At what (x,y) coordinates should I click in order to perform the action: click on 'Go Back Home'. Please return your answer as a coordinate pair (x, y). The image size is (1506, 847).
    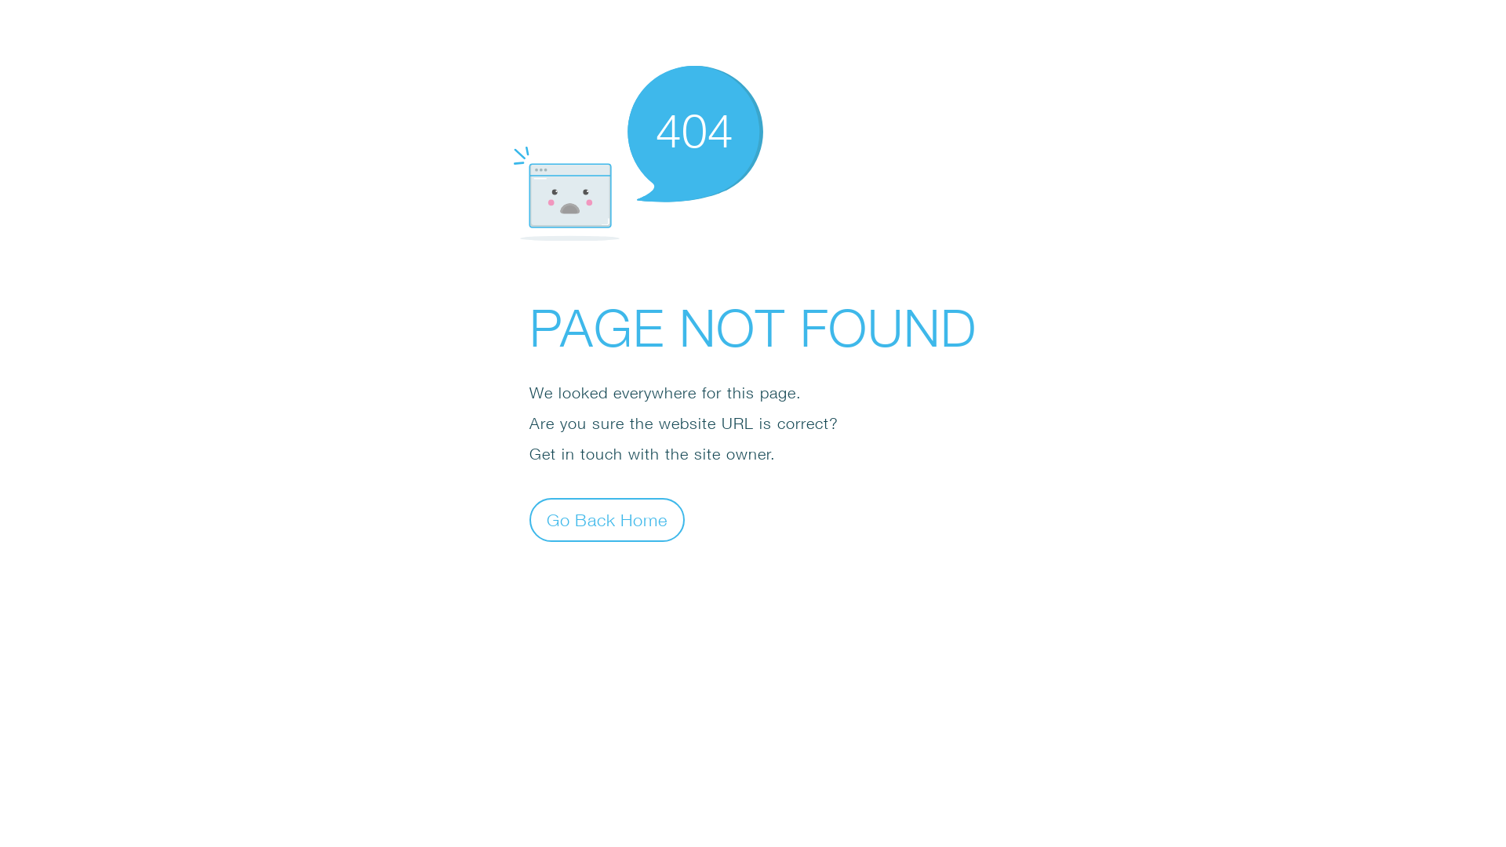
    Looking at the image, I should click on (606, 520).